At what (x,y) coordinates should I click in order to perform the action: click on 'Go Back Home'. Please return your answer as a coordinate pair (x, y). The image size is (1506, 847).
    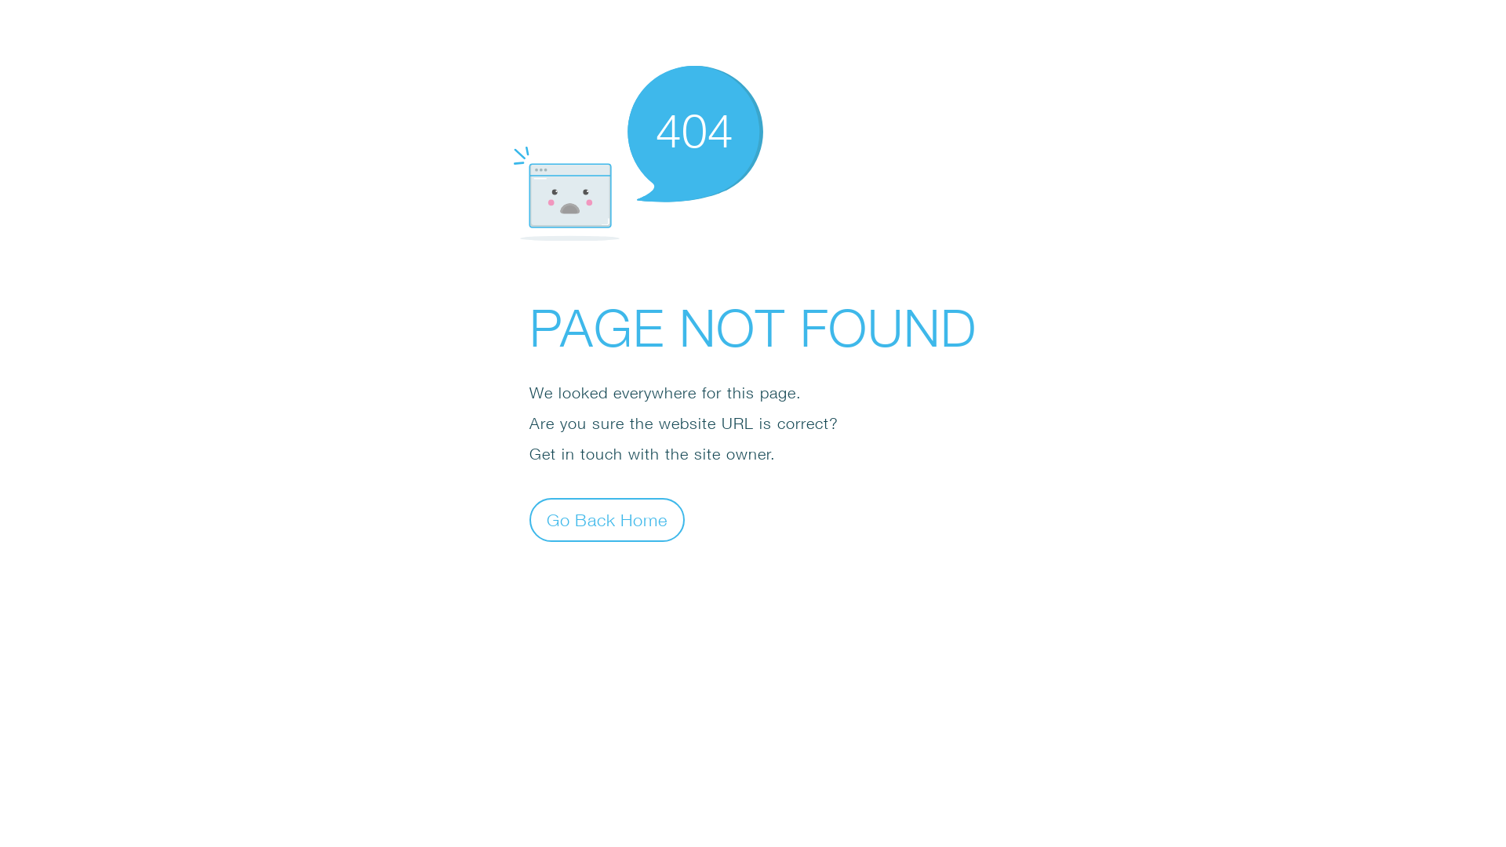
    Looking at the image, I should click on (606, 520).